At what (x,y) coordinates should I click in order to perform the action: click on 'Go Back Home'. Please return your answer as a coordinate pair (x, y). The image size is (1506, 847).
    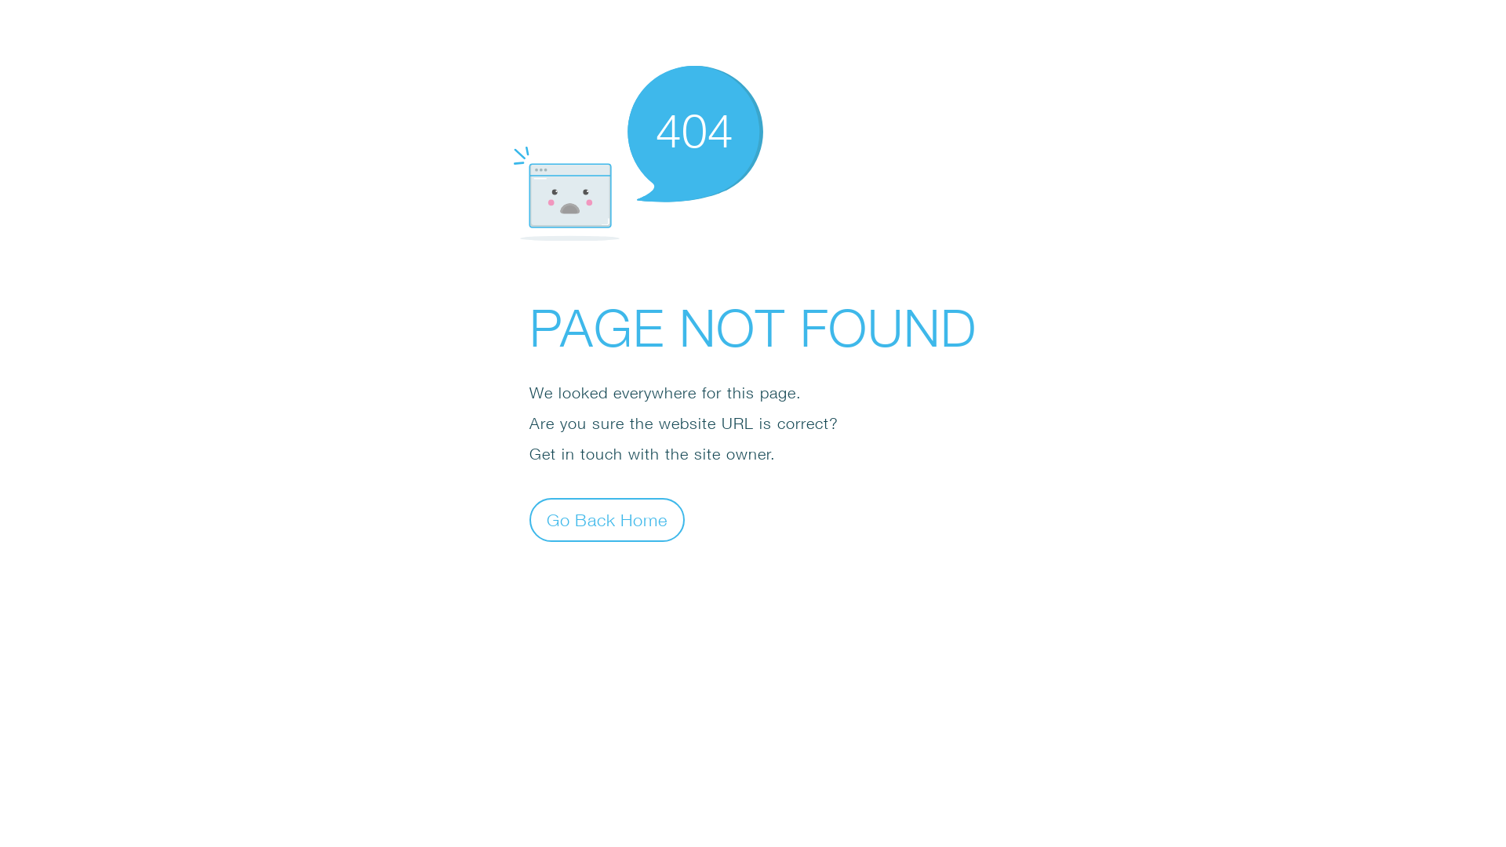
    Looking at the image, I should click on (606, 520).